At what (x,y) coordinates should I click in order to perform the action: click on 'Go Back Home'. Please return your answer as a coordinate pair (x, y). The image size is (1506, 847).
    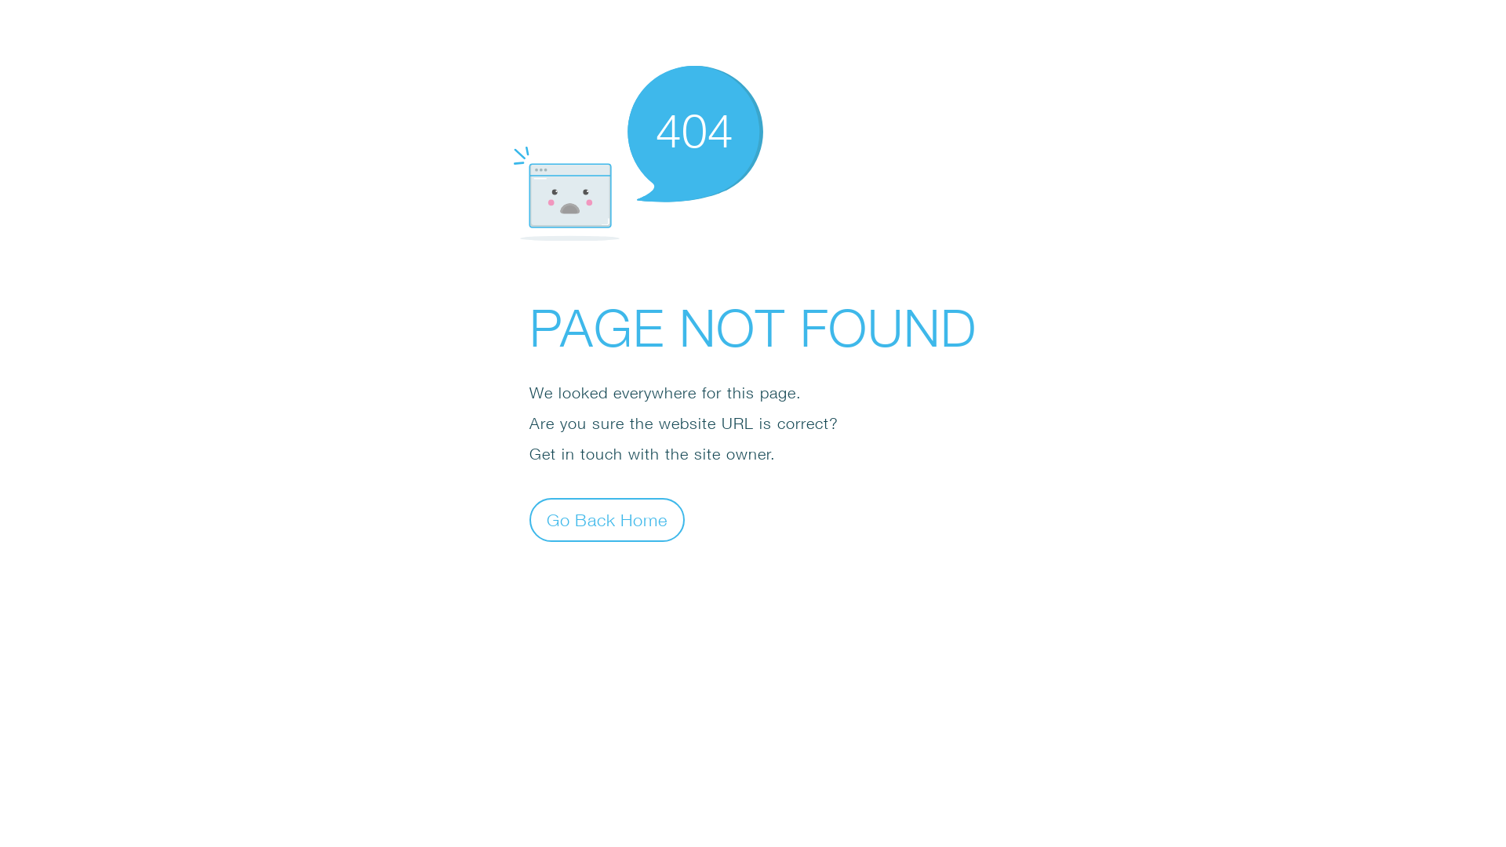
    Looking at the image, I should click on (606, 520).